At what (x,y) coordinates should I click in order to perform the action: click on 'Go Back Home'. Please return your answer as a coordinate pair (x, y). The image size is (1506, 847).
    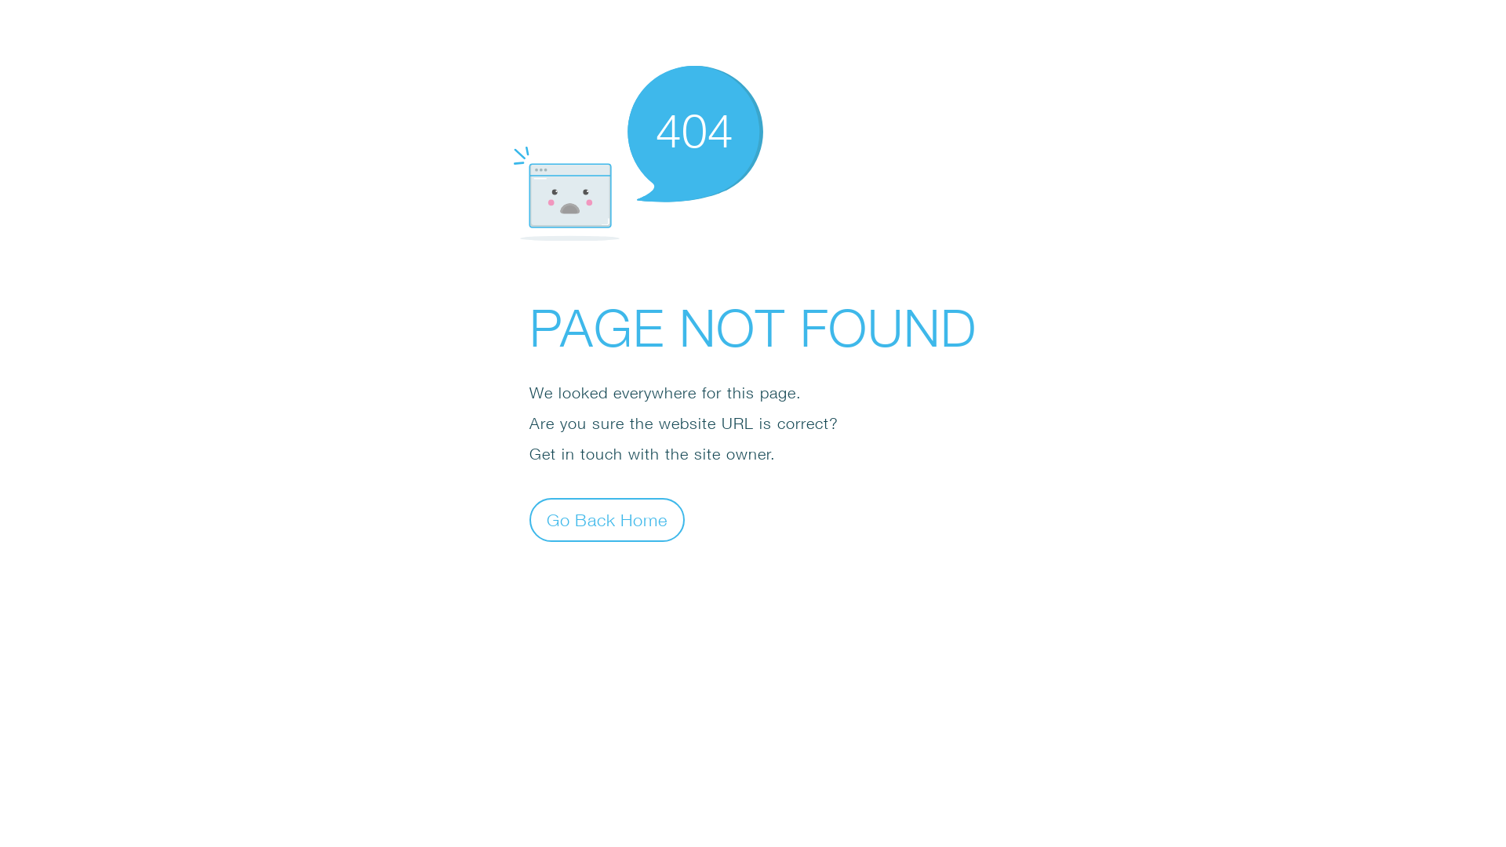
    Looking at the image, I should click on (606, 520).